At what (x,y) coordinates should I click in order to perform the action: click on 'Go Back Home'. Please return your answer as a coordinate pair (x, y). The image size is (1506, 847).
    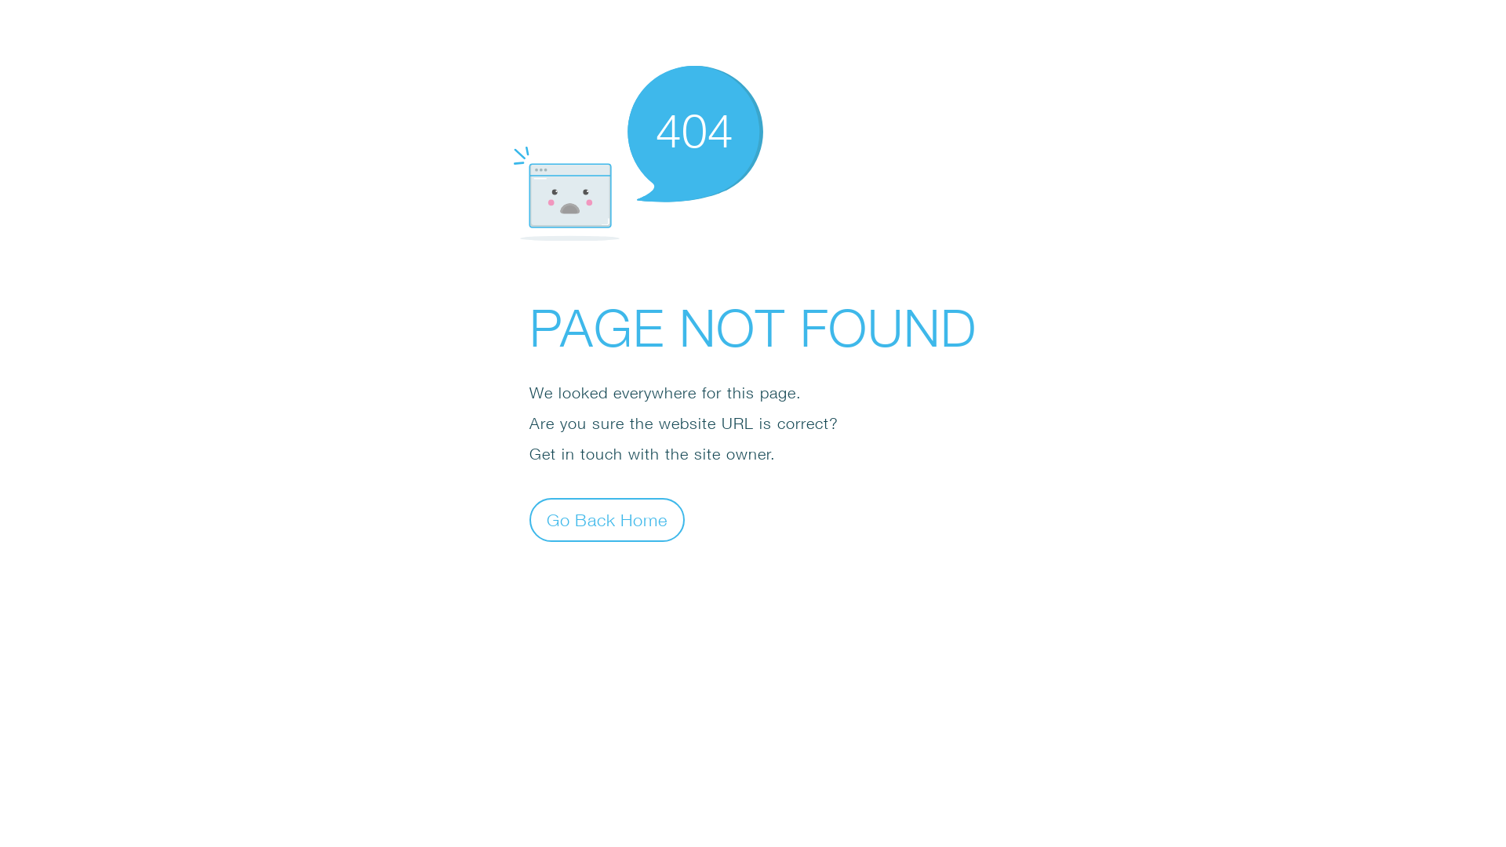
    Looking at the image, I should click on (606, 520).